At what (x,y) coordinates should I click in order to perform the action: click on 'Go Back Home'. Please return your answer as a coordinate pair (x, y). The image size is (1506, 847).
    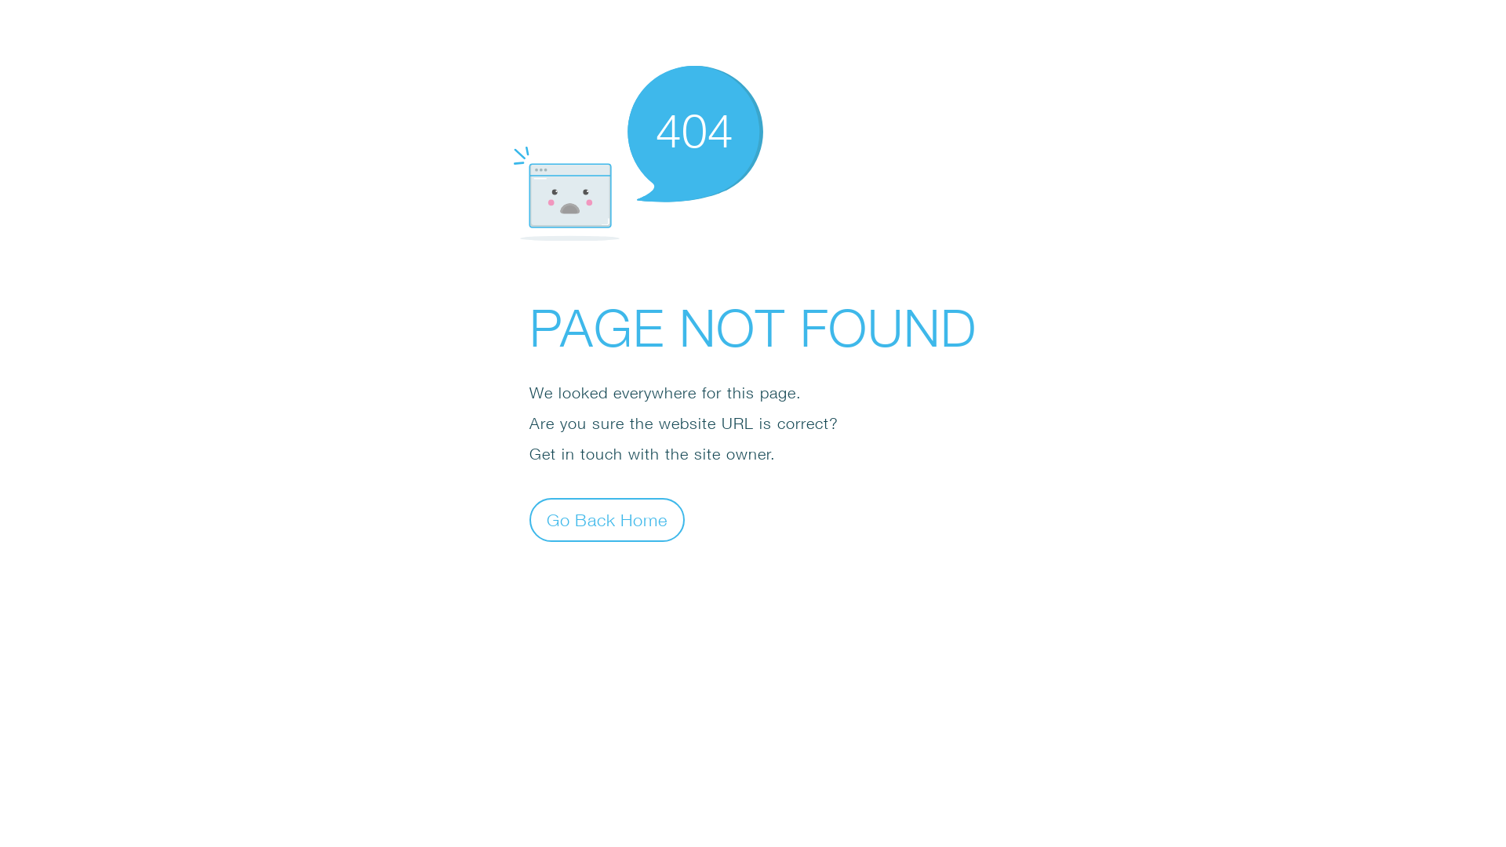
    Looking at the image, I should click on (606, 520).